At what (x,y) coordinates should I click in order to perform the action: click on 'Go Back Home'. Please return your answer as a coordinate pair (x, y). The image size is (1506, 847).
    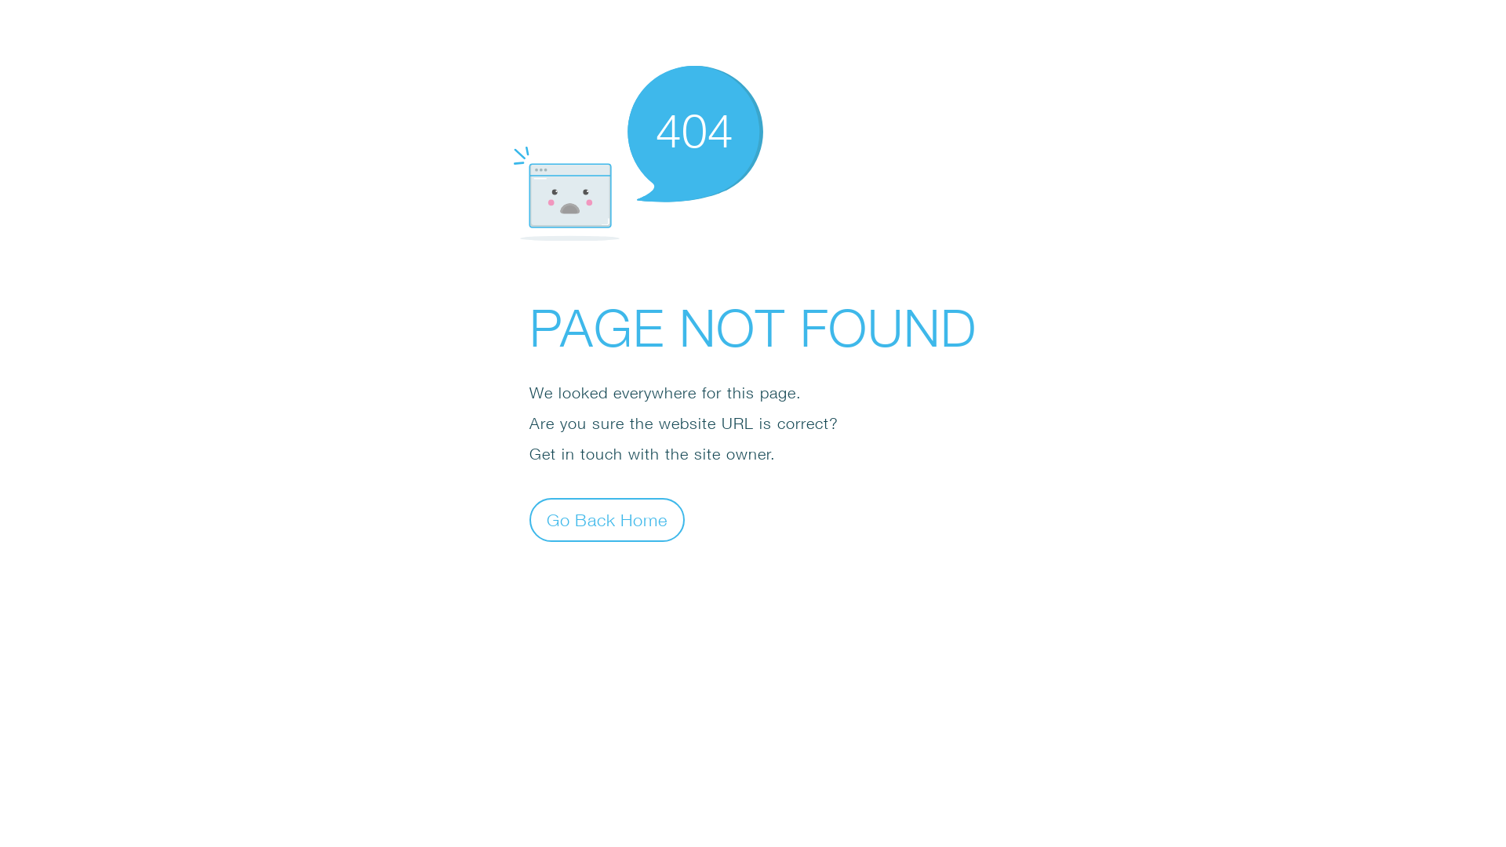
    Looking at the image, I should click on (606, 520).